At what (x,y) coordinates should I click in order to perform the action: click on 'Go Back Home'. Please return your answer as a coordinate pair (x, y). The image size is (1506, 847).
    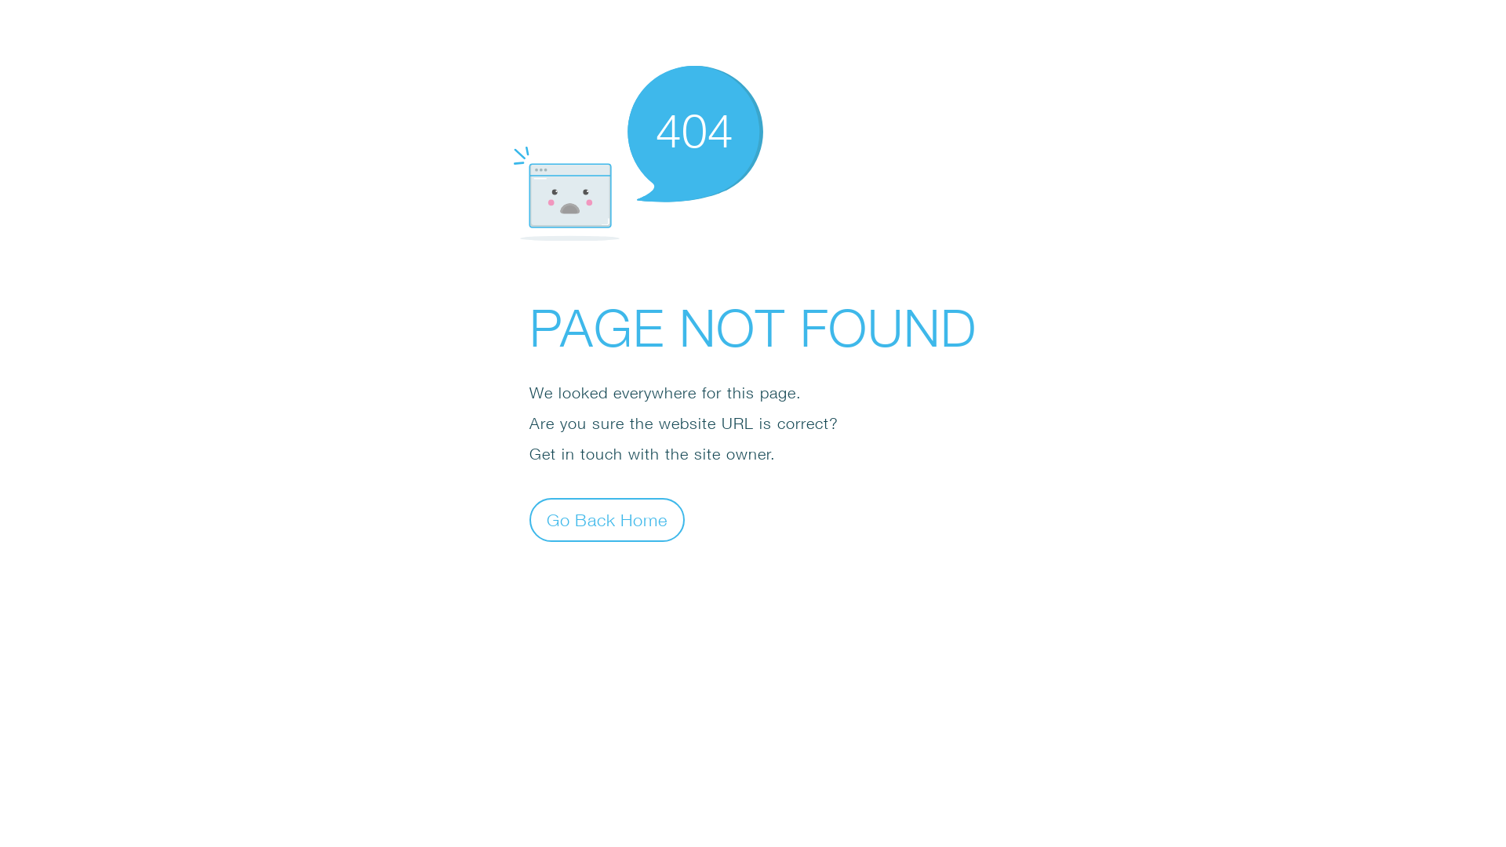
    Looking at the image, I should click on (606, 520).